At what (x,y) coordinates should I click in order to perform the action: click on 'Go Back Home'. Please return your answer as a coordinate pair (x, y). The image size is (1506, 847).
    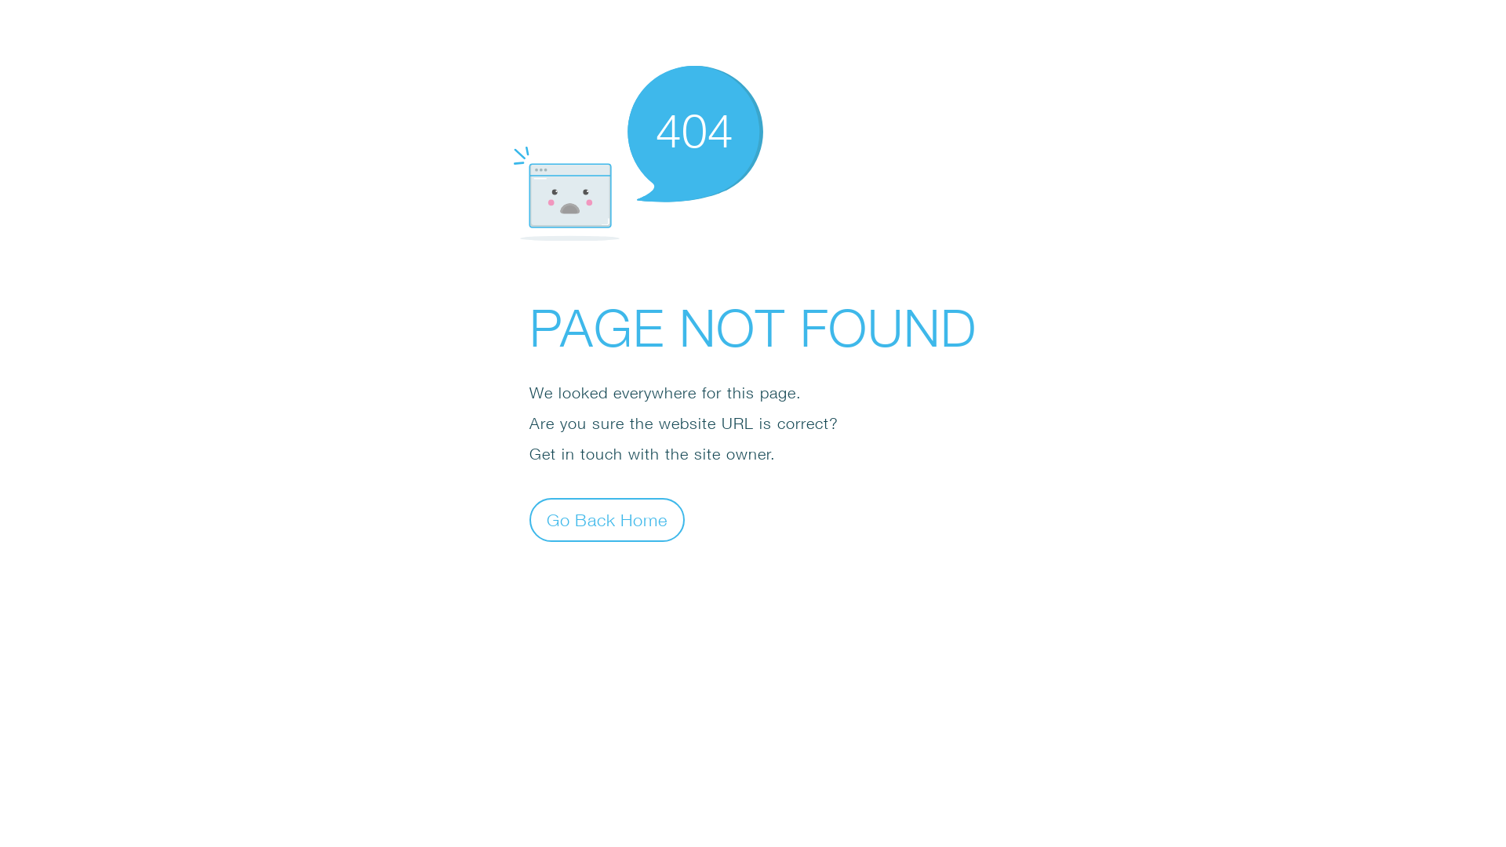
    Looking at the image, I should click on (606, 520).